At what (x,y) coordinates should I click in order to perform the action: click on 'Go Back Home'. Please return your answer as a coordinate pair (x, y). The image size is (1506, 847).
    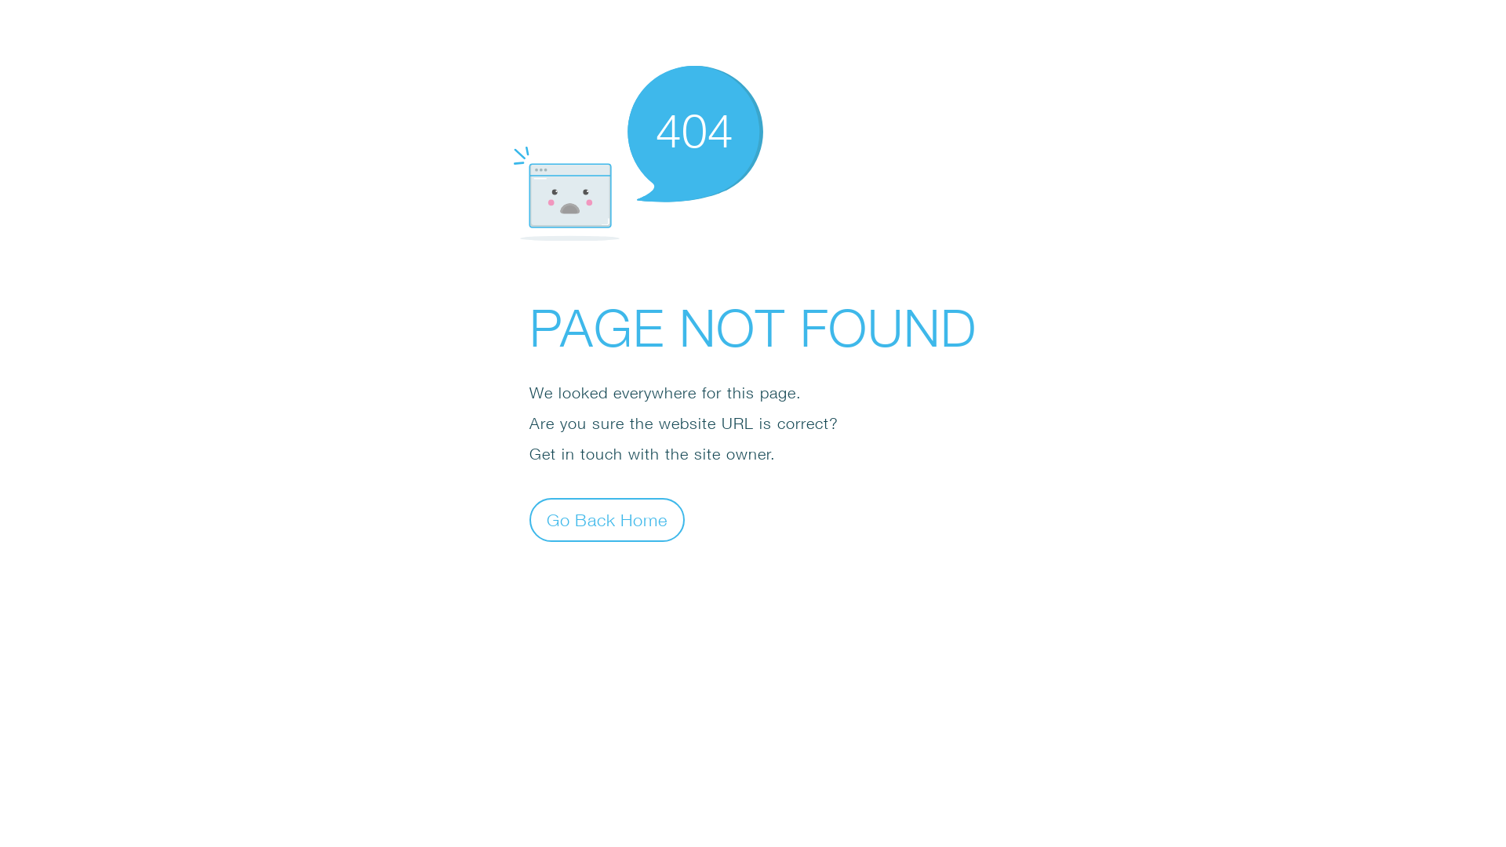
    Looking at the image, I should click on (606, 520).